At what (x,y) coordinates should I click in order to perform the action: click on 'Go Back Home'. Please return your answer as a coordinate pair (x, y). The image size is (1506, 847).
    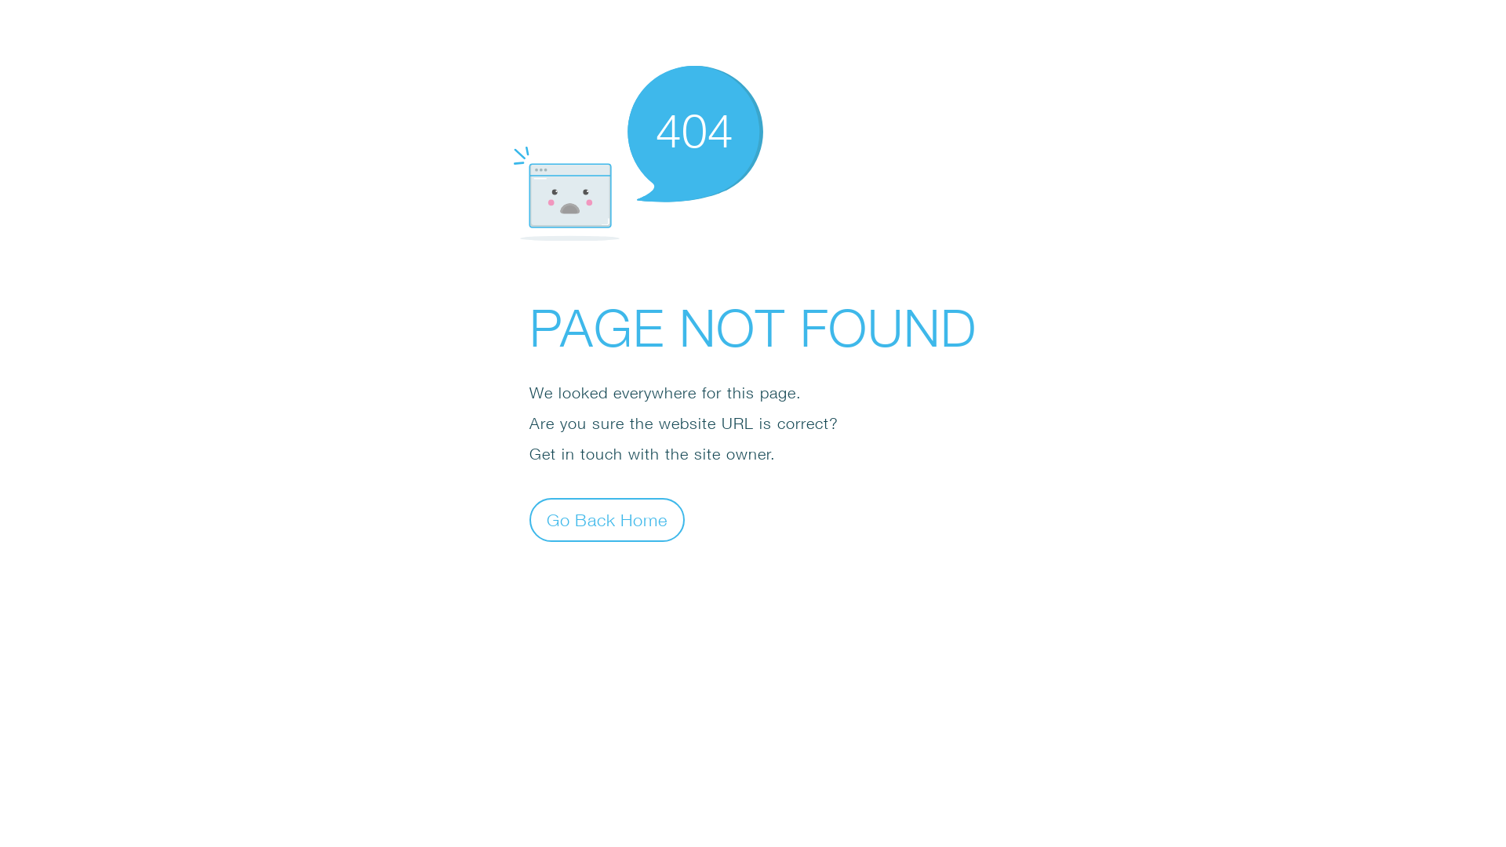
    Looking at the image, I should click on (606, 520).